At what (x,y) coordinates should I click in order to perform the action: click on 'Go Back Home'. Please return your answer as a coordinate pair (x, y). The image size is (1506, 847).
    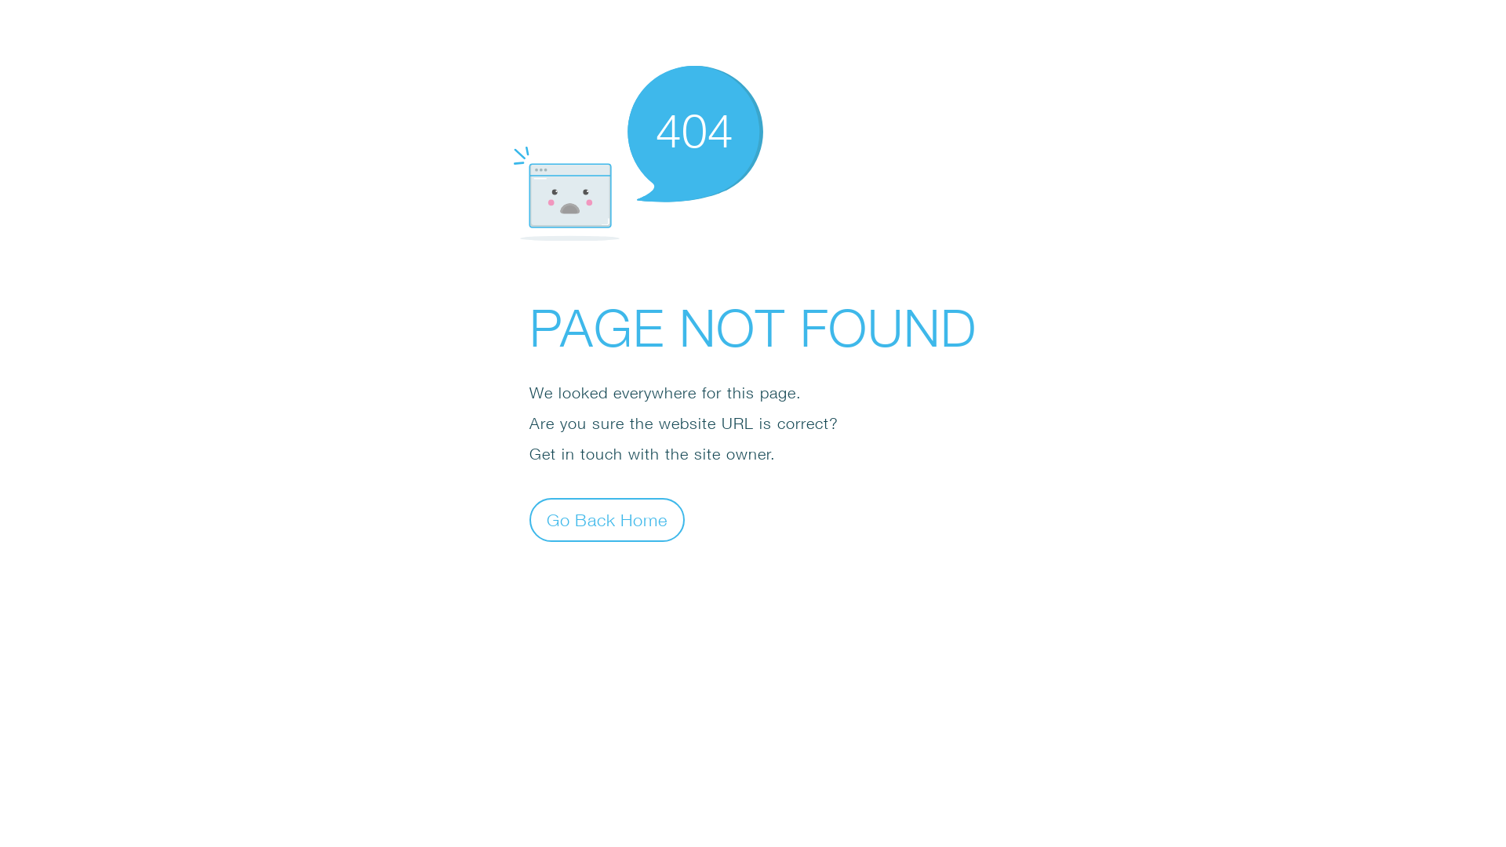
    Looking at the image, I should click on (606, 520).